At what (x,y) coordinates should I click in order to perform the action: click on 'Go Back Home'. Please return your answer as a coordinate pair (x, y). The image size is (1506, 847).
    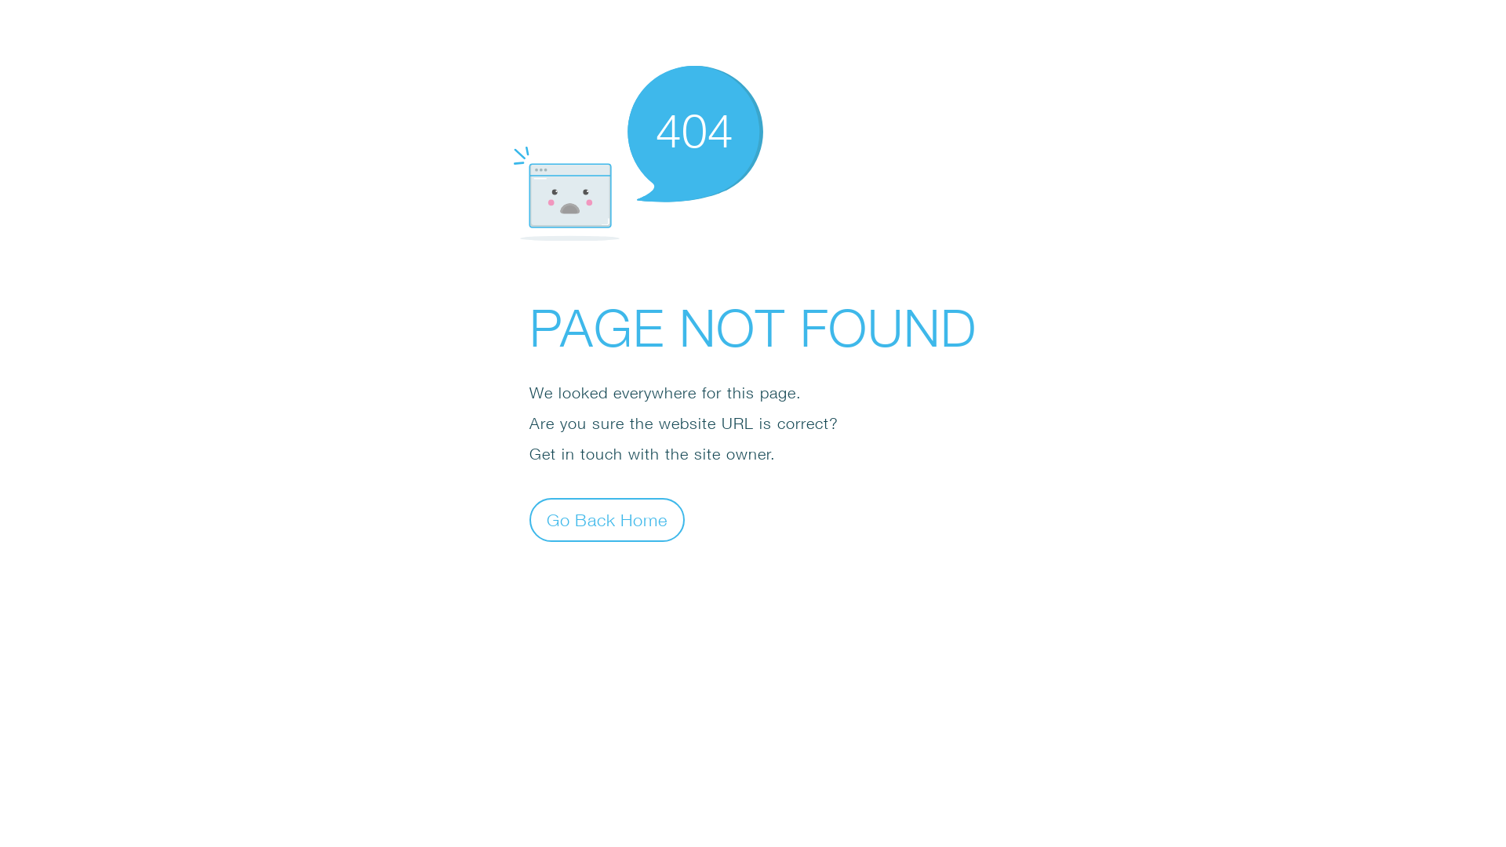
    Looking at the image, I should click on (606, 520).